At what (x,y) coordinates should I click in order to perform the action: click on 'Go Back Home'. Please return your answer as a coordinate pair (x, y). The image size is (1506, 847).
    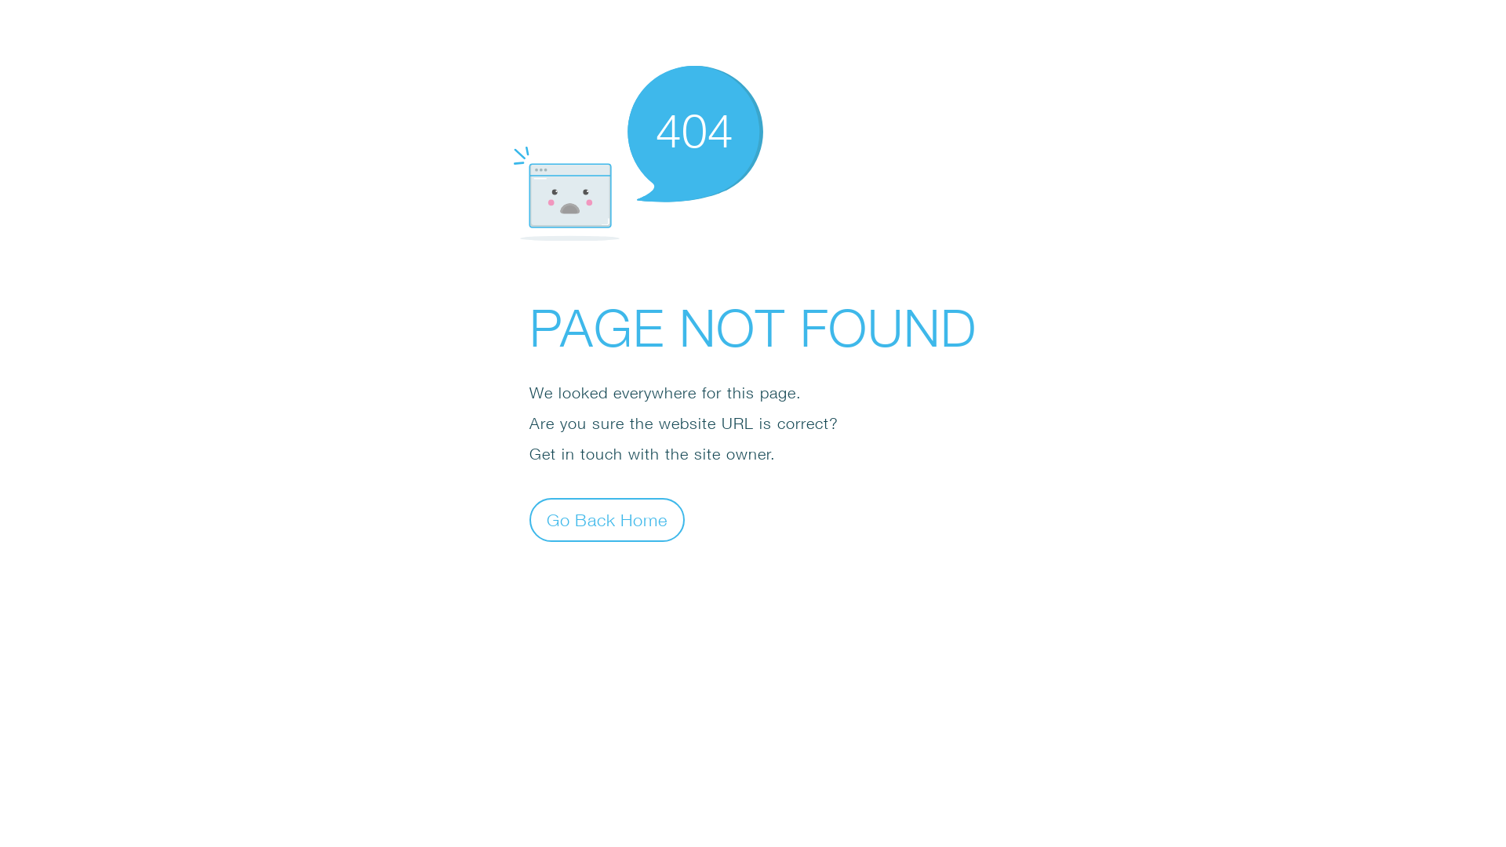
    Looking at the image, I should click on (606, 520).